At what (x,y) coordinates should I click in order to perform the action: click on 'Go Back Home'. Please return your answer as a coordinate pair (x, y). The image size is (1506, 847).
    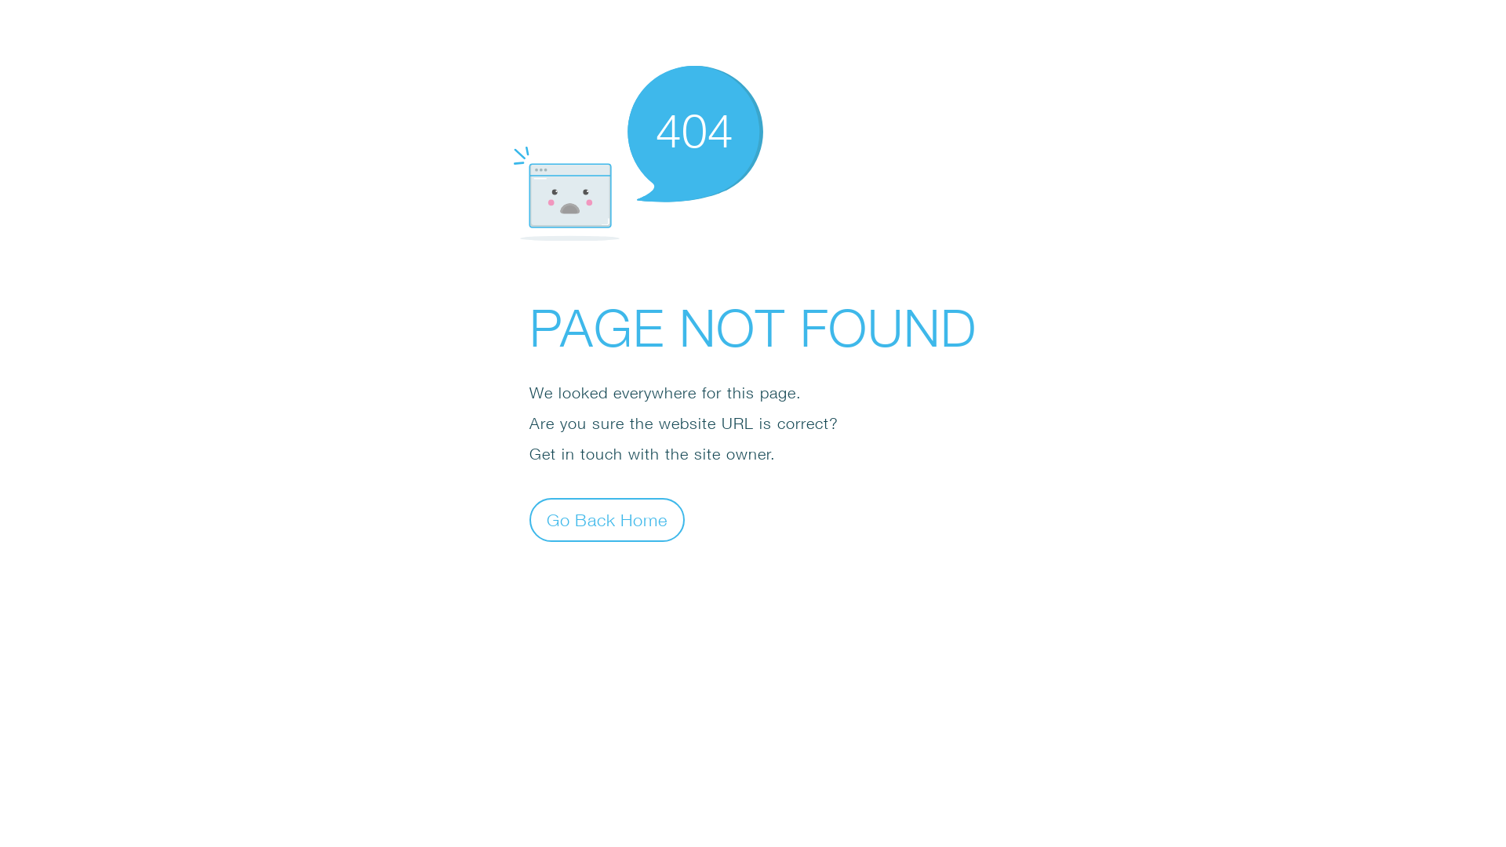
    Looking at the image, I should click on (606, 520).